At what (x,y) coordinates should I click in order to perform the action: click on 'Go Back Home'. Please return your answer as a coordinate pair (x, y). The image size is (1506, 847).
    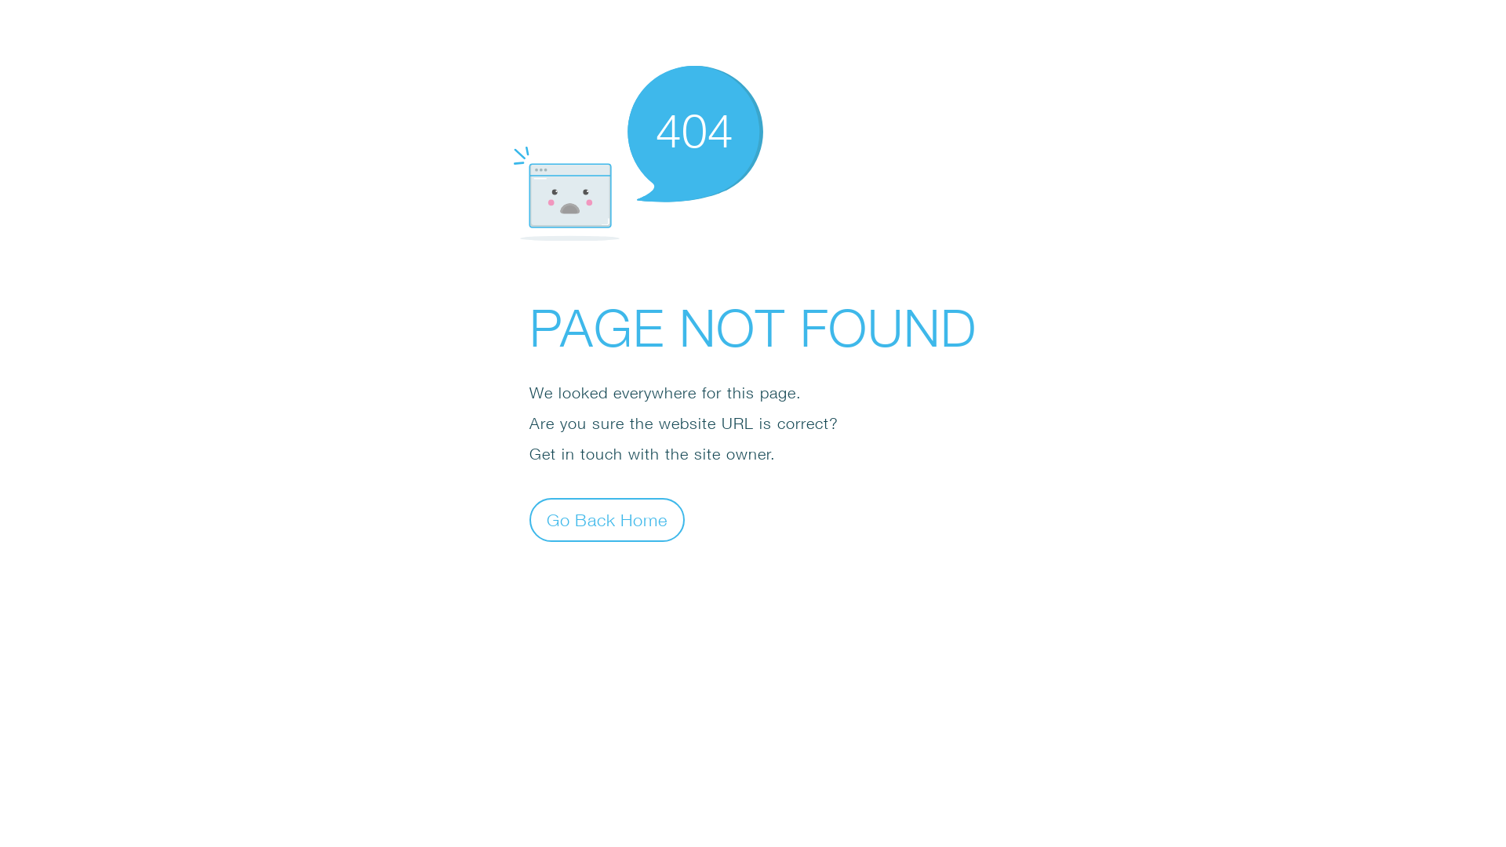
    Looking at the image, I should click on (606, 520).